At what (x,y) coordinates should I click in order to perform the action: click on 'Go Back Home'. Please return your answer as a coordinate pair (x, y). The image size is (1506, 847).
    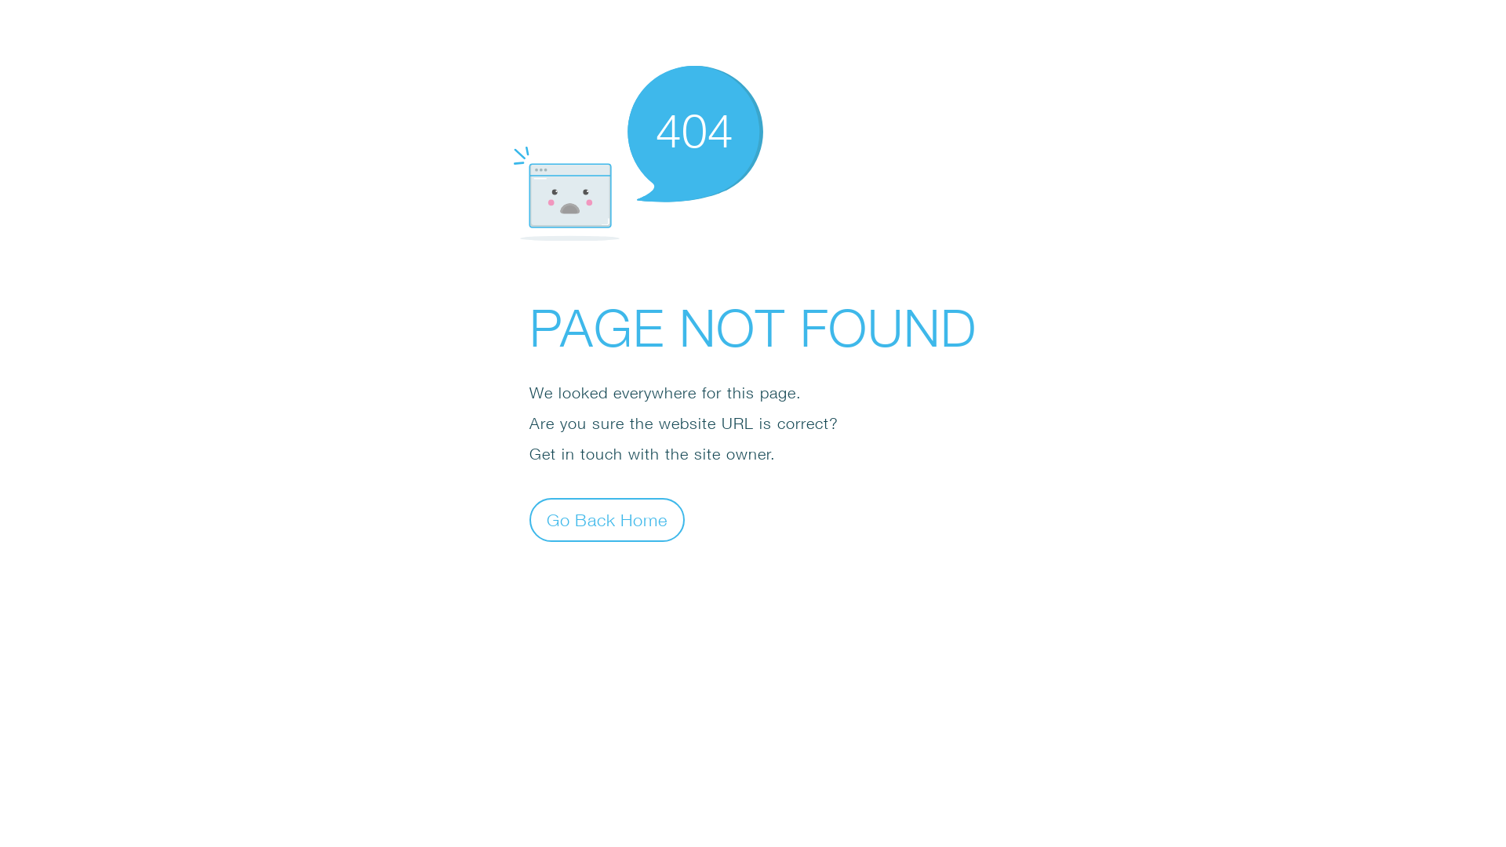
    Looking at the image, I should click on (606, 520).